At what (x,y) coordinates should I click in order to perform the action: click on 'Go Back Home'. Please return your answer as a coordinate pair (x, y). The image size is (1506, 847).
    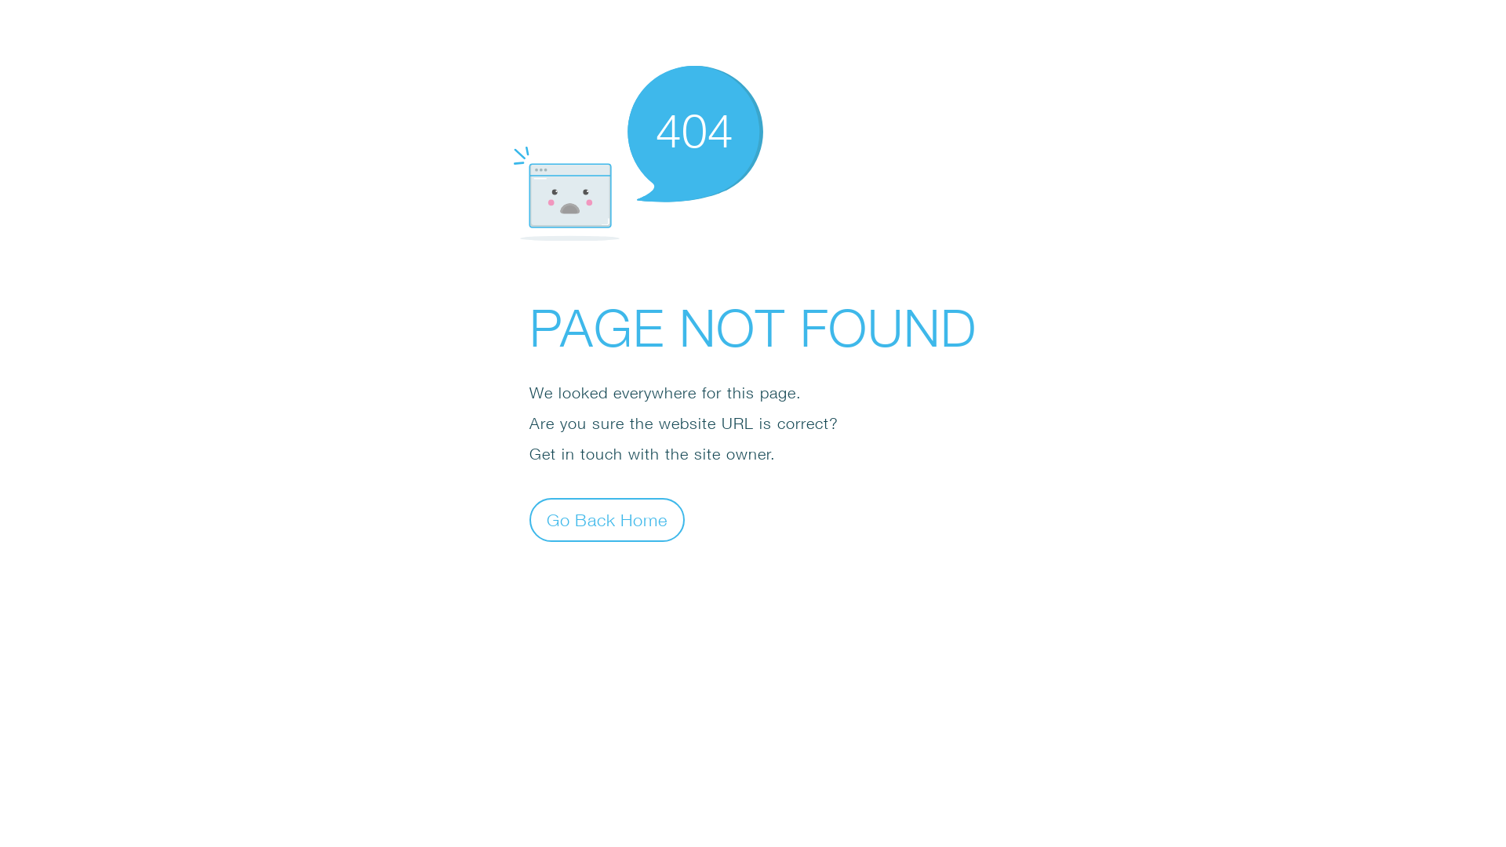
    Looking at the image, I should click on (606, 520).